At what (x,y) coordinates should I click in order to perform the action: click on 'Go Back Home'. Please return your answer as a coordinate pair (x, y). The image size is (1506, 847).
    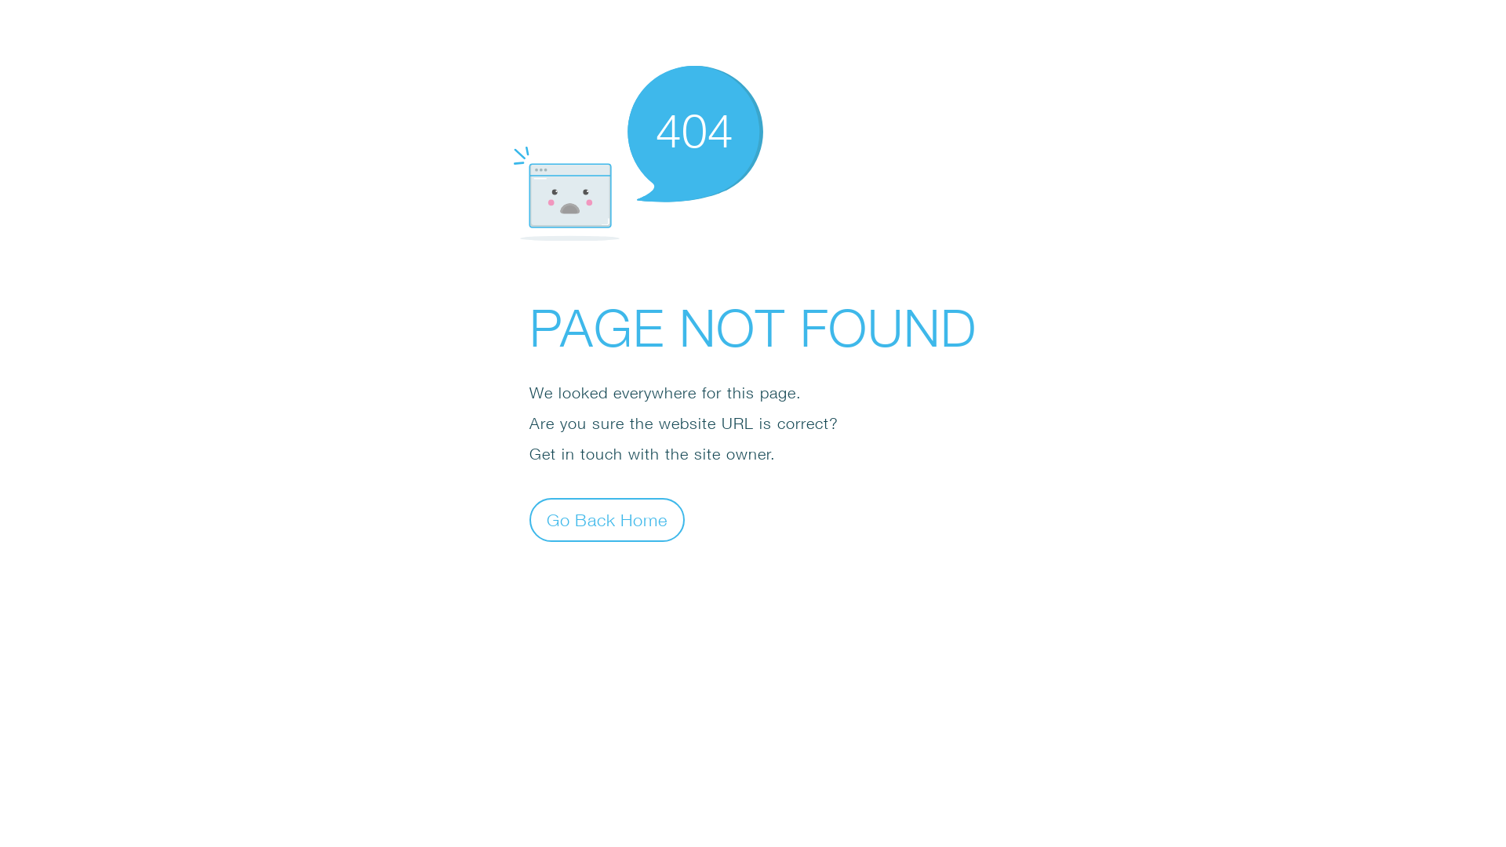
    Looking at the image, I should click on (606, 520).